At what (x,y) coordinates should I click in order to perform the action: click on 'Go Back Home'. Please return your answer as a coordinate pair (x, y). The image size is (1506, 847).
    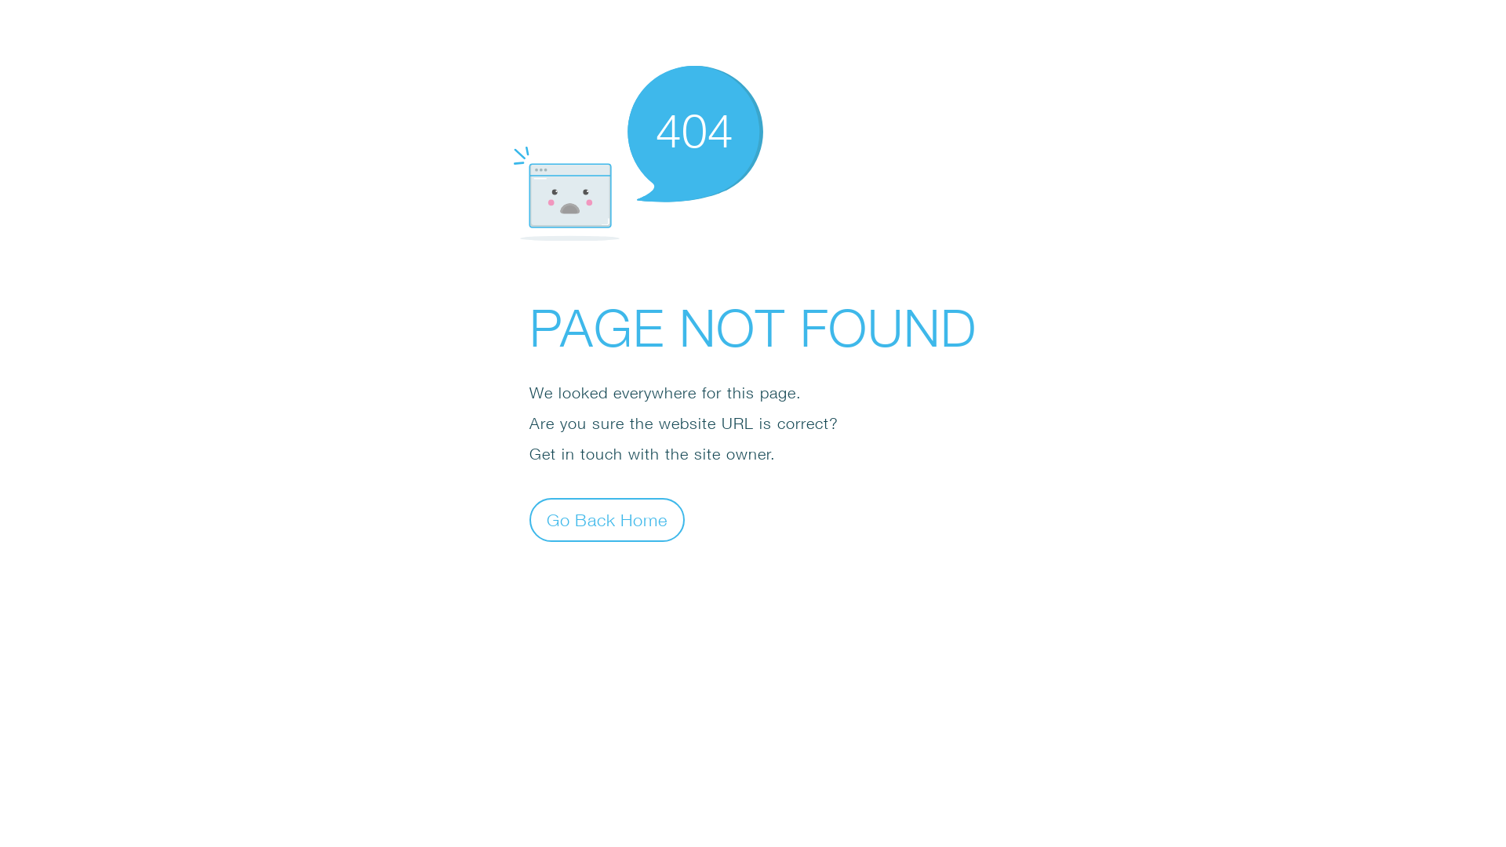
    Looking at the image, I should click on (606, 520).